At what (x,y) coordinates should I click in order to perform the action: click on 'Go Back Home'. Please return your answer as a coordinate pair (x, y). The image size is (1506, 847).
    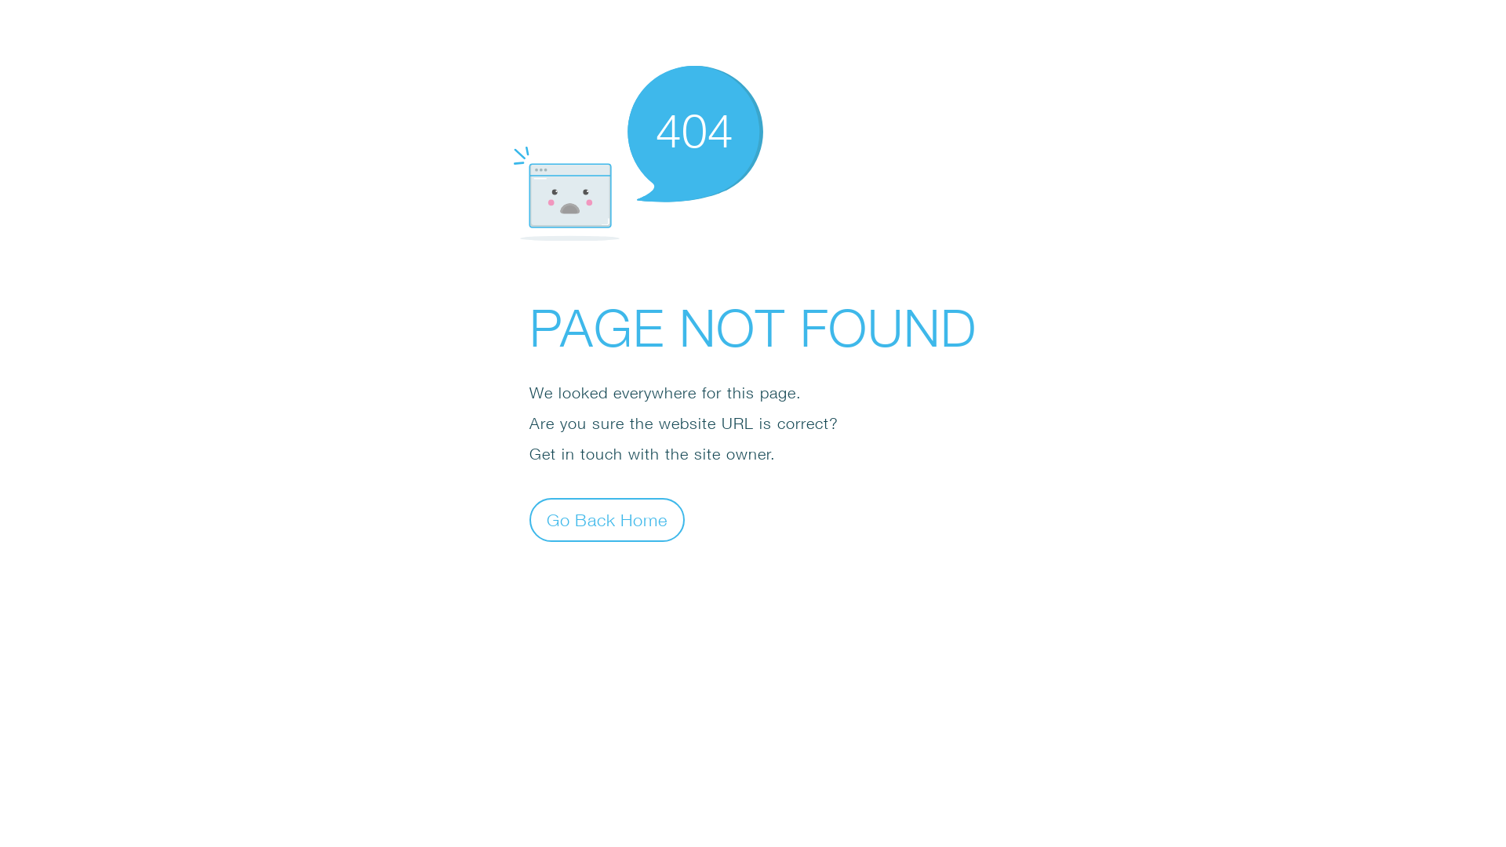
    Looking at the image, I should click on (606, 520).